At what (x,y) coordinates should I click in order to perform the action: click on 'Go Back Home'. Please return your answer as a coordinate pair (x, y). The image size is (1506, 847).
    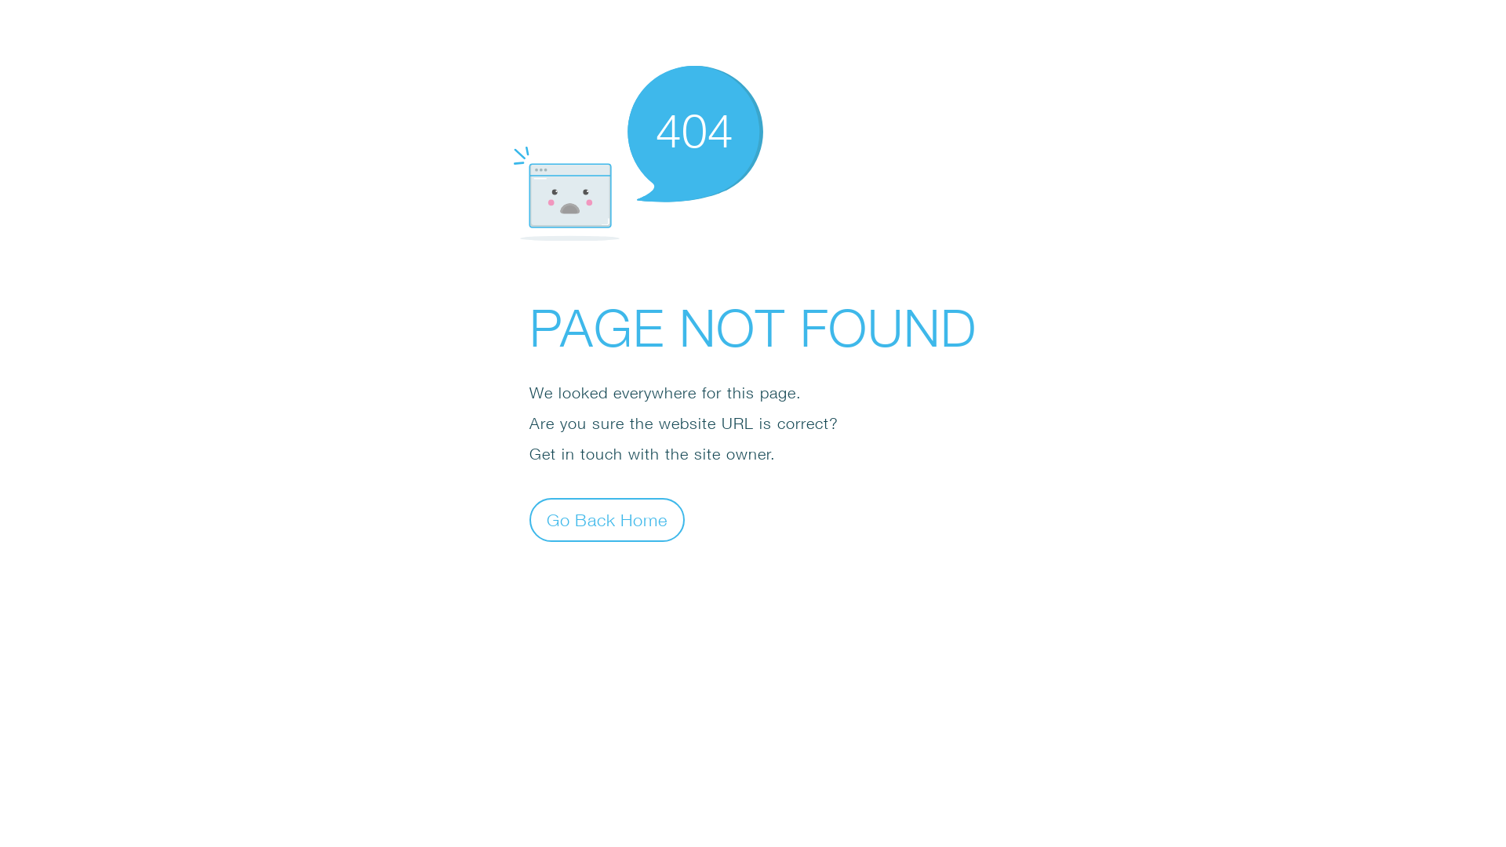
    Looking at the image, I should click on (606, 520).